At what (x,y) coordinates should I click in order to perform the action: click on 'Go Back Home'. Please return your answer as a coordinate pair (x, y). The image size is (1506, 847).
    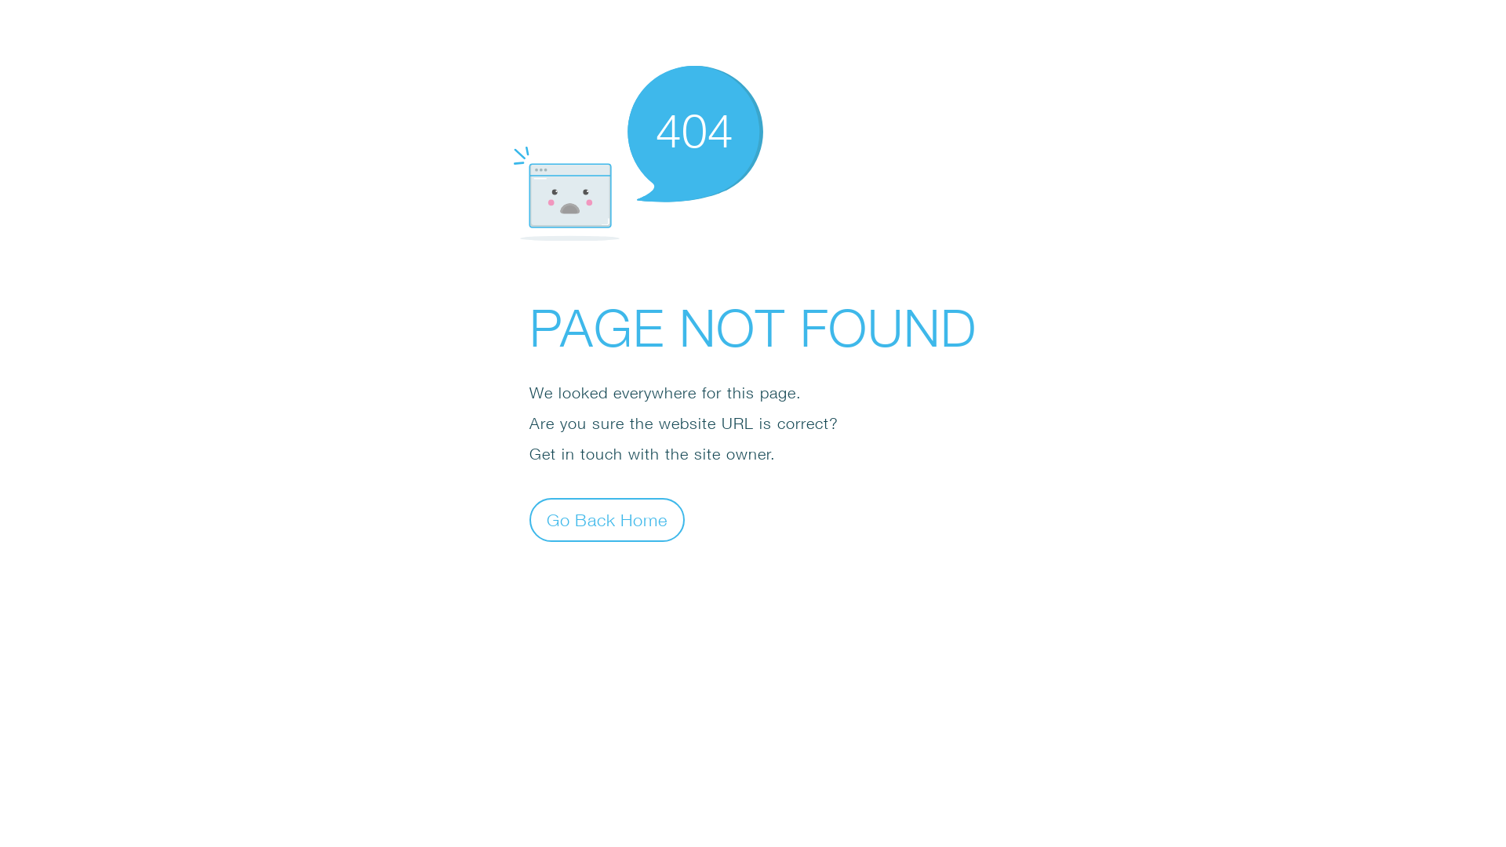
    Looking at the image, I should click on (606, 520).